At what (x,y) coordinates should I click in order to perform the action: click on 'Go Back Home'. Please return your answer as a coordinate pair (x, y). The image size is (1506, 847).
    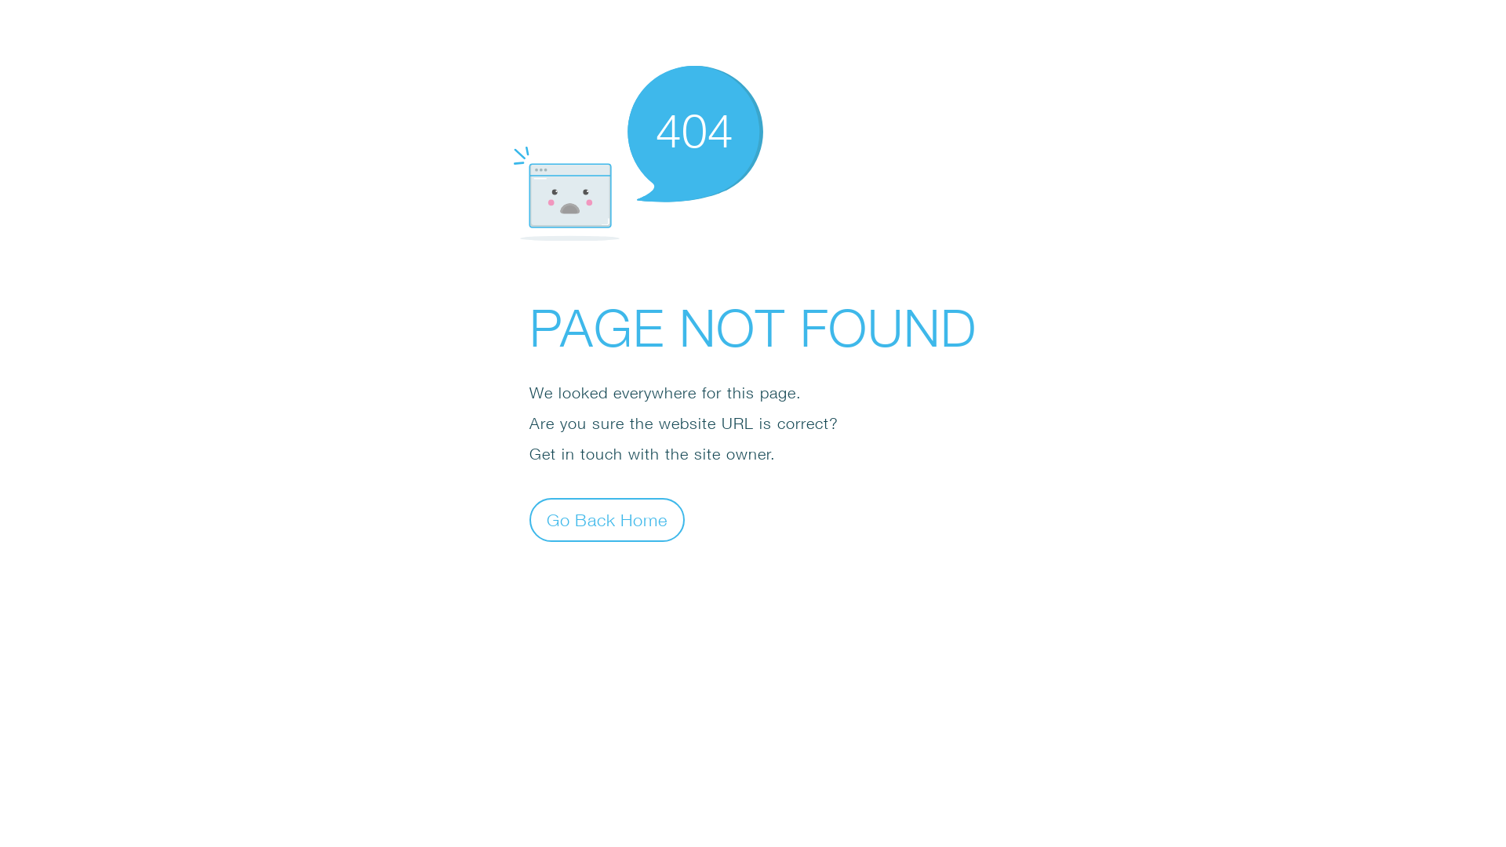
    Looking at the image, I should click on (606, 520).